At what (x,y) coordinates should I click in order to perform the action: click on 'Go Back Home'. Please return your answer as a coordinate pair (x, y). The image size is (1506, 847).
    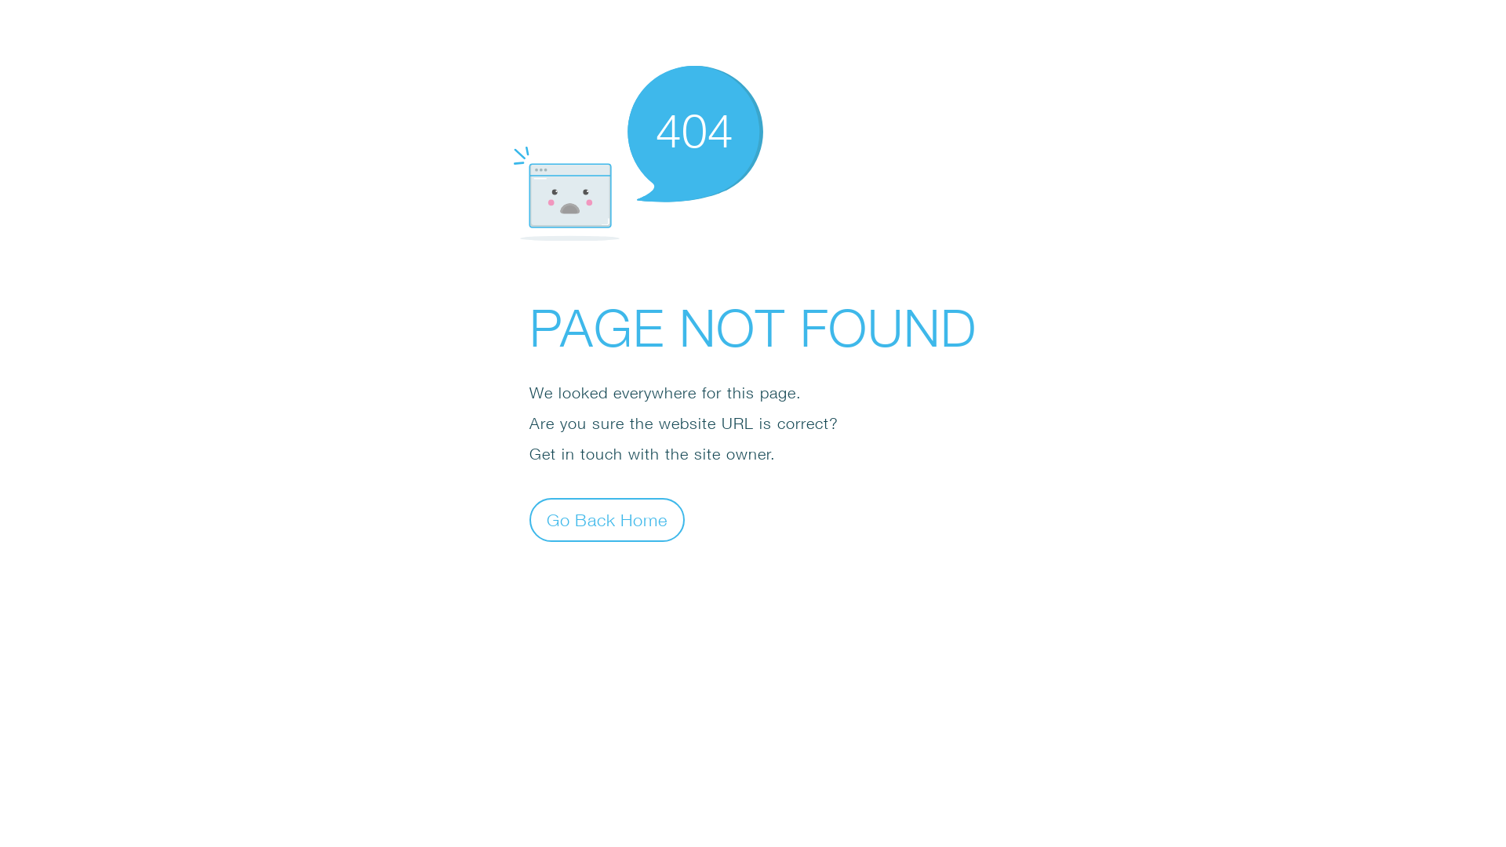
    Looking at the image, I should click on (606, 520).